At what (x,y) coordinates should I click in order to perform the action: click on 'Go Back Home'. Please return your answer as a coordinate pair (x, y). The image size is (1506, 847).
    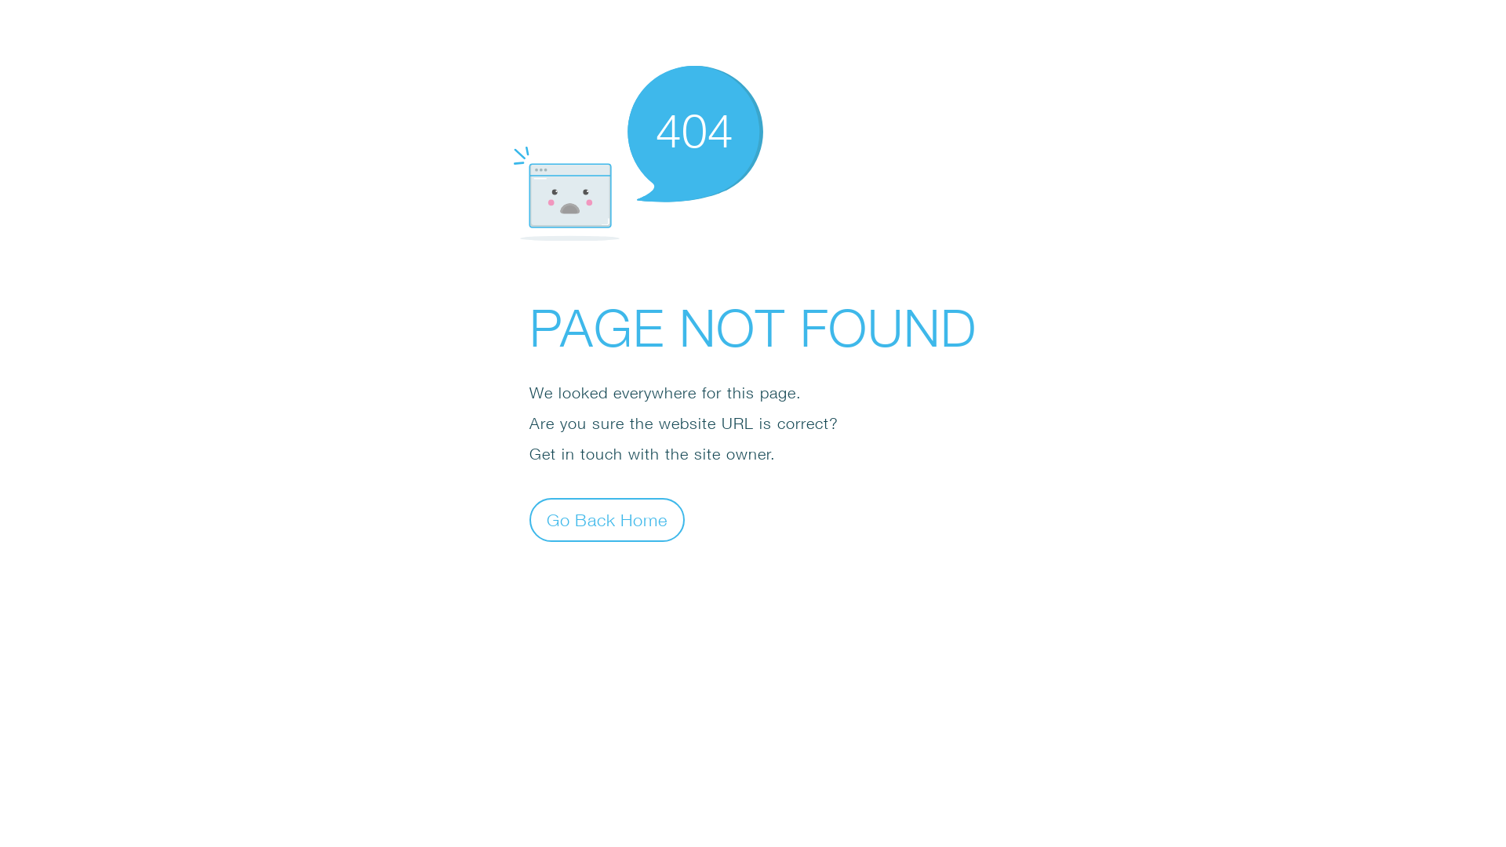
    Looking at the image, I should click on (606, 520).